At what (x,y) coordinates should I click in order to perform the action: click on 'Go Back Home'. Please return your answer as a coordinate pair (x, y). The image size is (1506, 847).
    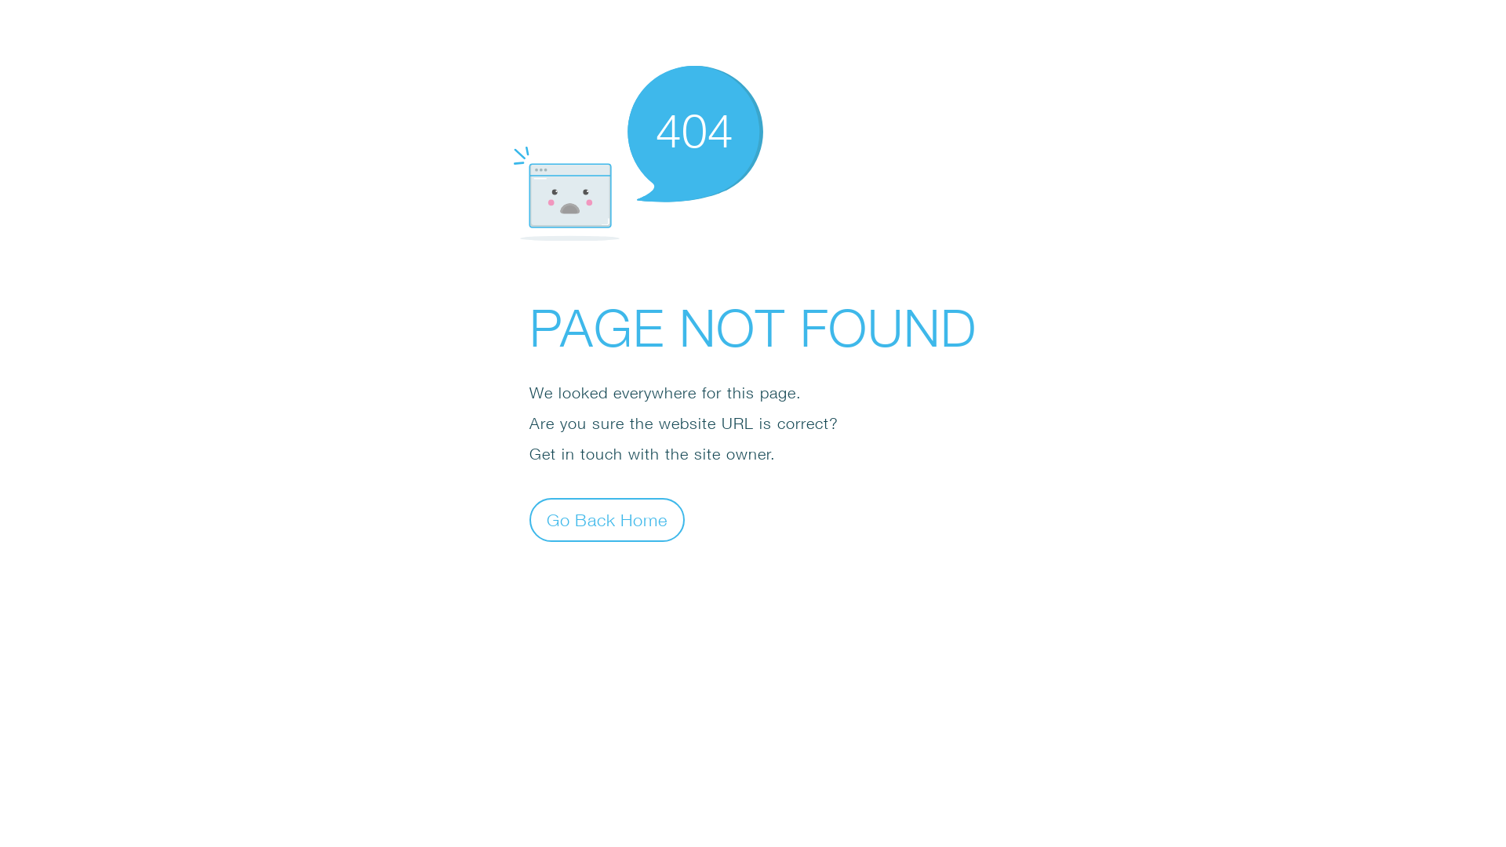
    Looking at the image, I should click on (606, 520).